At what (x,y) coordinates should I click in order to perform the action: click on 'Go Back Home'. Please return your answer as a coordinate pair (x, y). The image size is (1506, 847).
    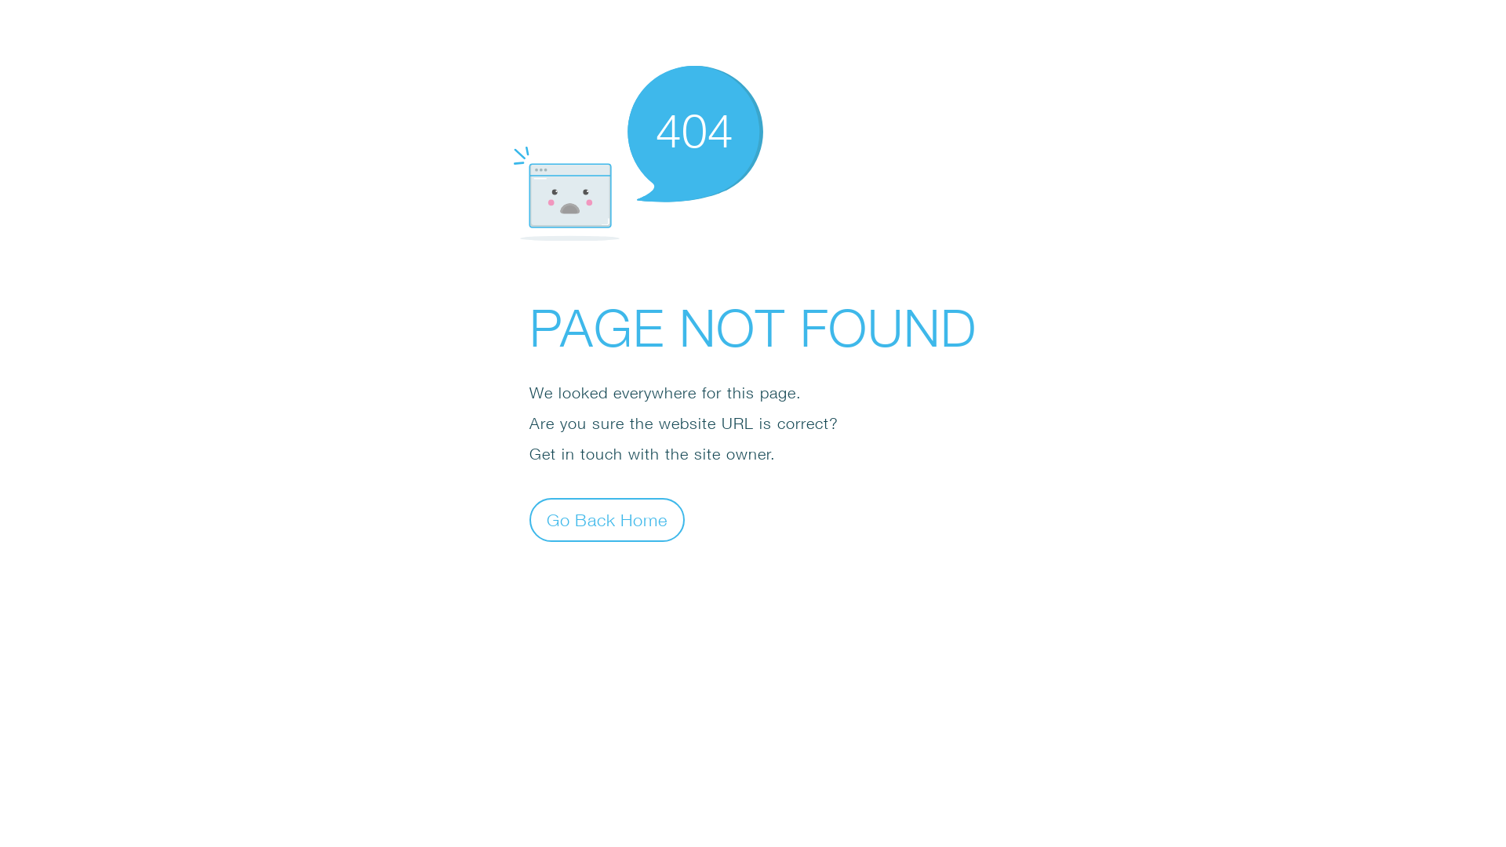
    Looking at the image, I should click on (606, 520).